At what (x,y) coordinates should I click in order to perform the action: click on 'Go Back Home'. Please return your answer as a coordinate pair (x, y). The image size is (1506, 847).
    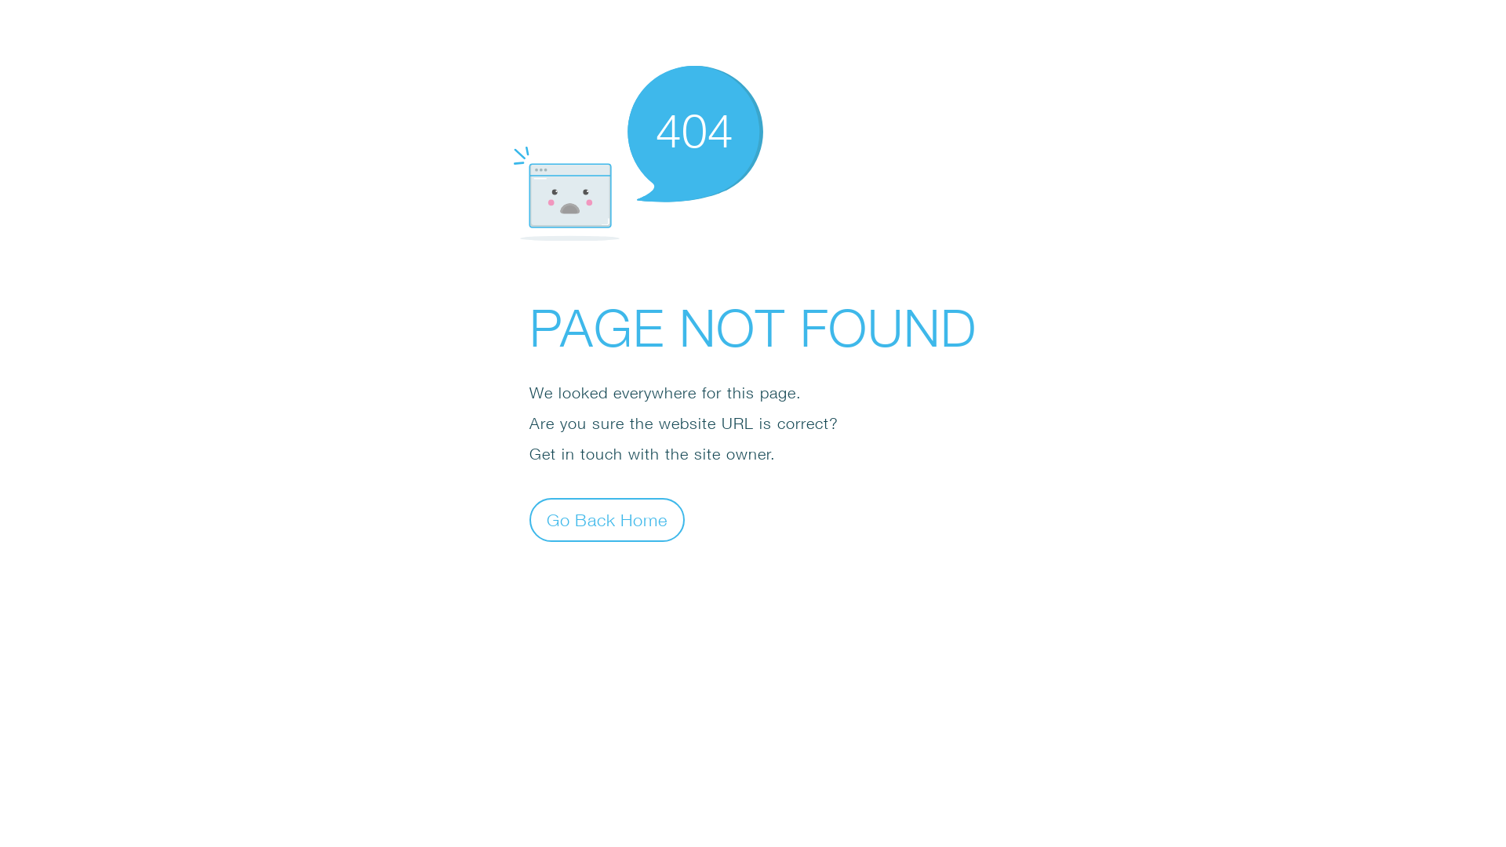
    Looking at the image, I should click on (606, 520).